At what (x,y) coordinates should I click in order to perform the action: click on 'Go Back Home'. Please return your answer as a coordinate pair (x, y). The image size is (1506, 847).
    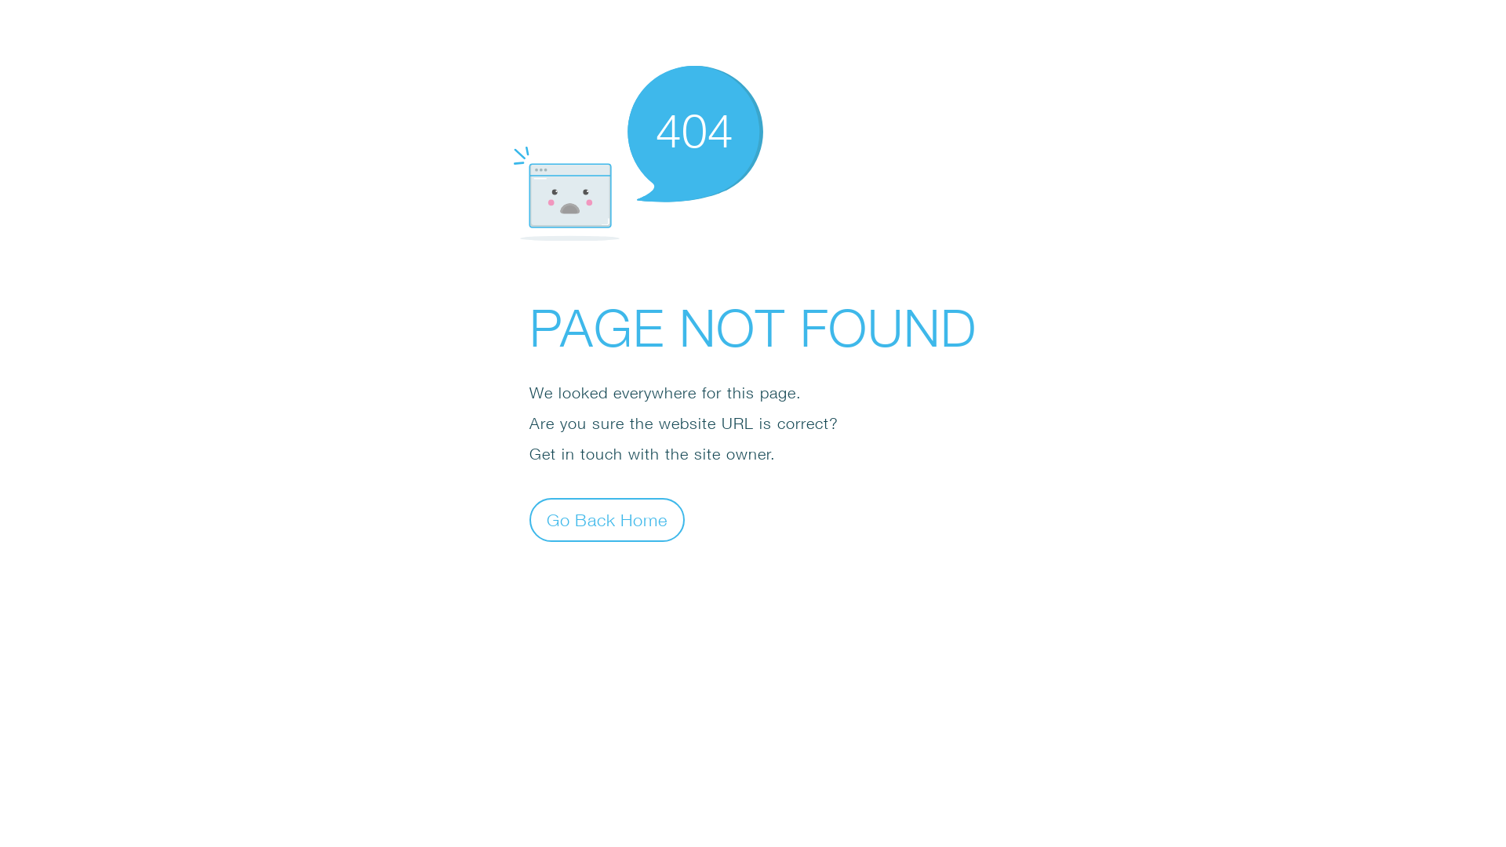
    Looking at the image, I should click on (606, 520).